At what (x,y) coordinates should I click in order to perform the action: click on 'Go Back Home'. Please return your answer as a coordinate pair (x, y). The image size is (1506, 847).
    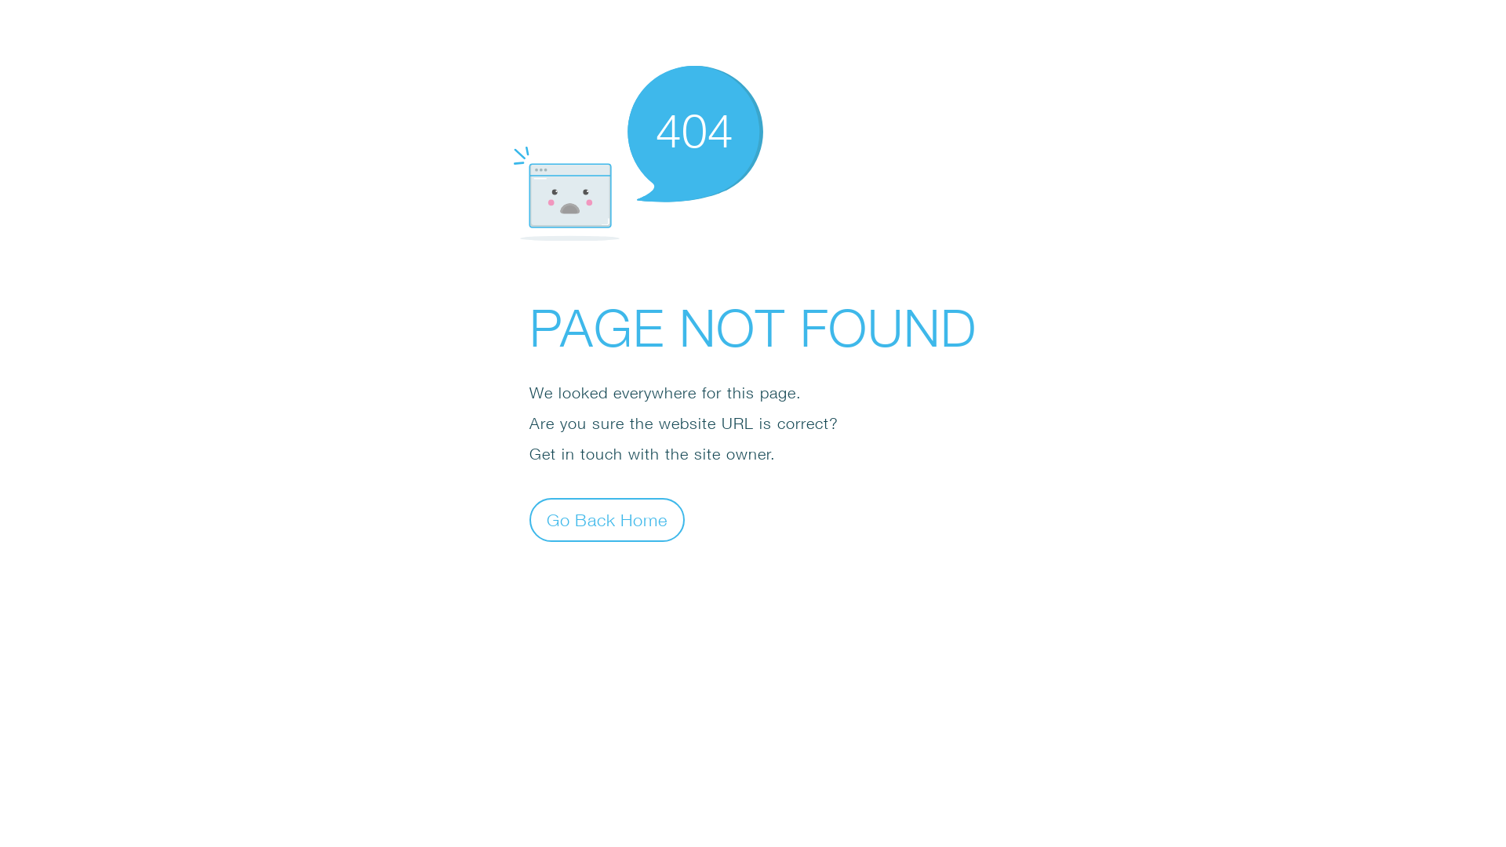
    Looking at the image, I should click on (606, 520).